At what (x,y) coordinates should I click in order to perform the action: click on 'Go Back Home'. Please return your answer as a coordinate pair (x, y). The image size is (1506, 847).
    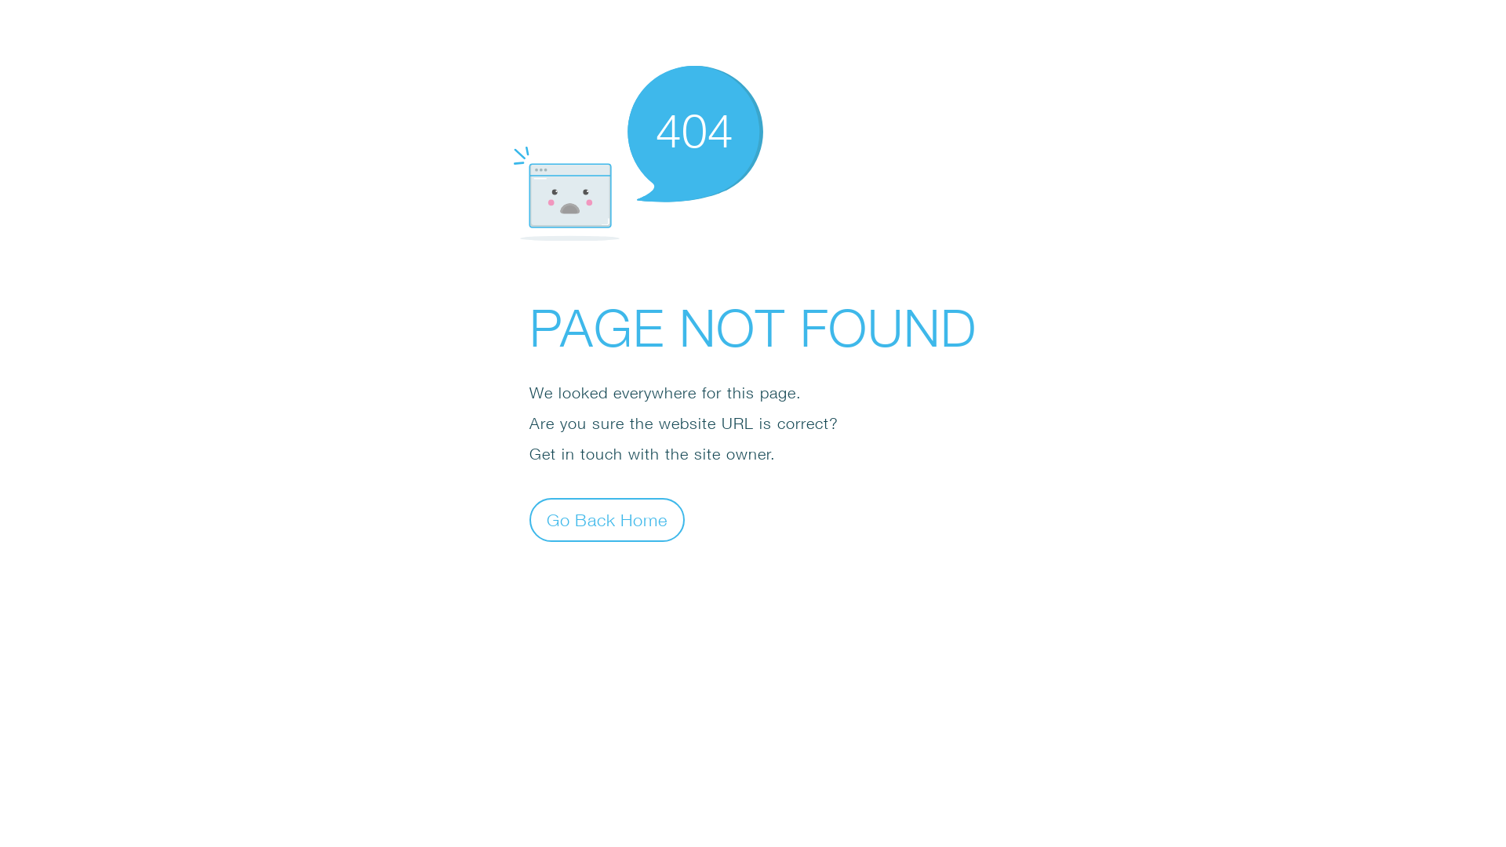
    Looking at the image, I should click on (606, 520).